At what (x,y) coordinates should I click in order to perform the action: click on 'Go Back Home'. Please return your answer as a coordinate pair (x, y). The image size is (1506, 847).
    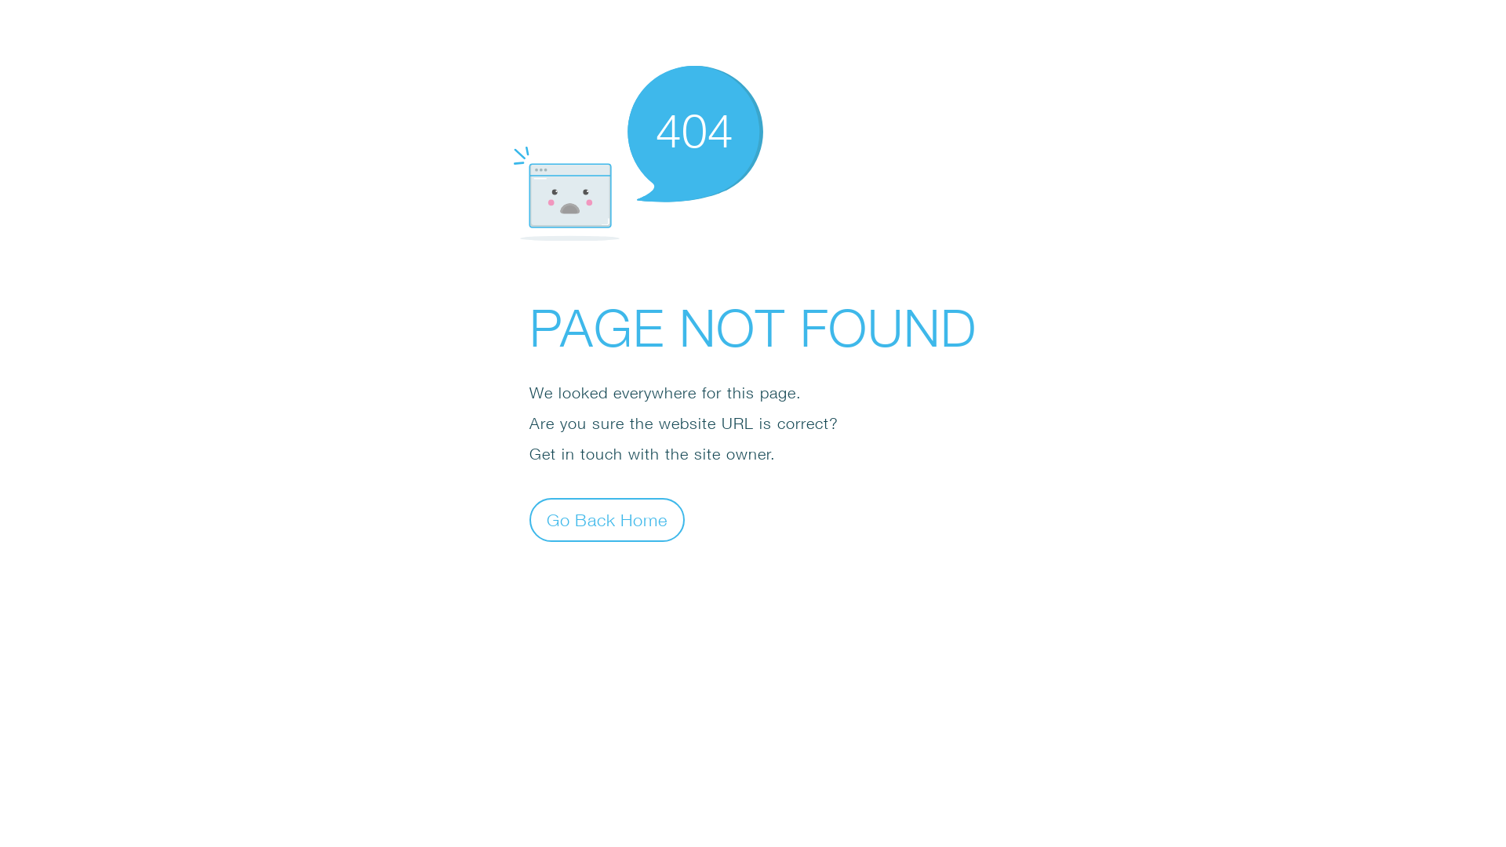
    Looking at the image, I should click on (606, 520).